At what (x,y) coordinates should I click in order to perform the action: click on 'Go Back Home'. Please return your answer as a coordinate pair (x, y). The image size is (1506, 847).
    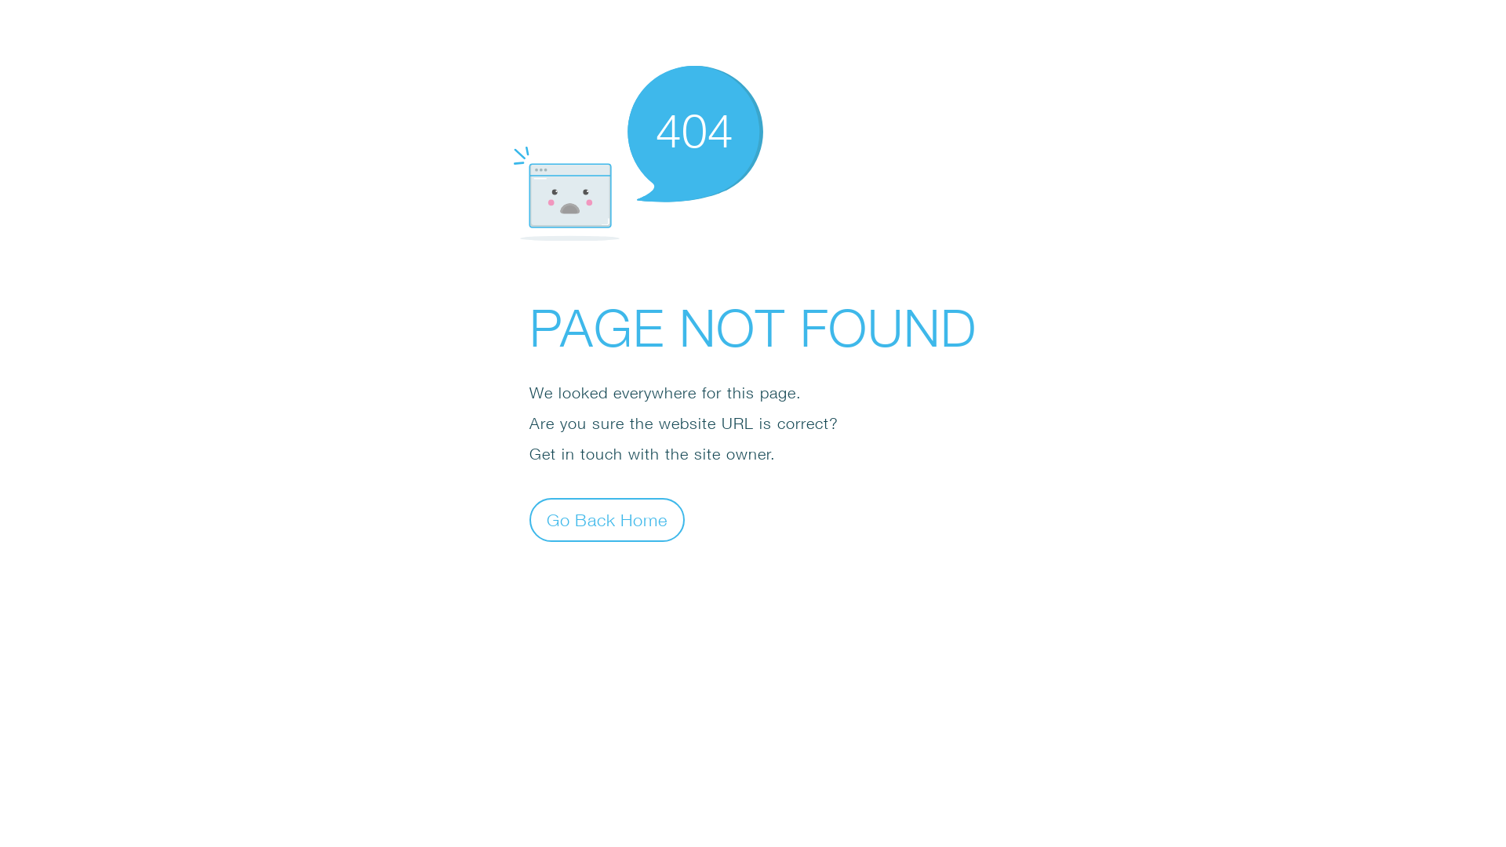
    Looking at the image, I should click on (606, 520).